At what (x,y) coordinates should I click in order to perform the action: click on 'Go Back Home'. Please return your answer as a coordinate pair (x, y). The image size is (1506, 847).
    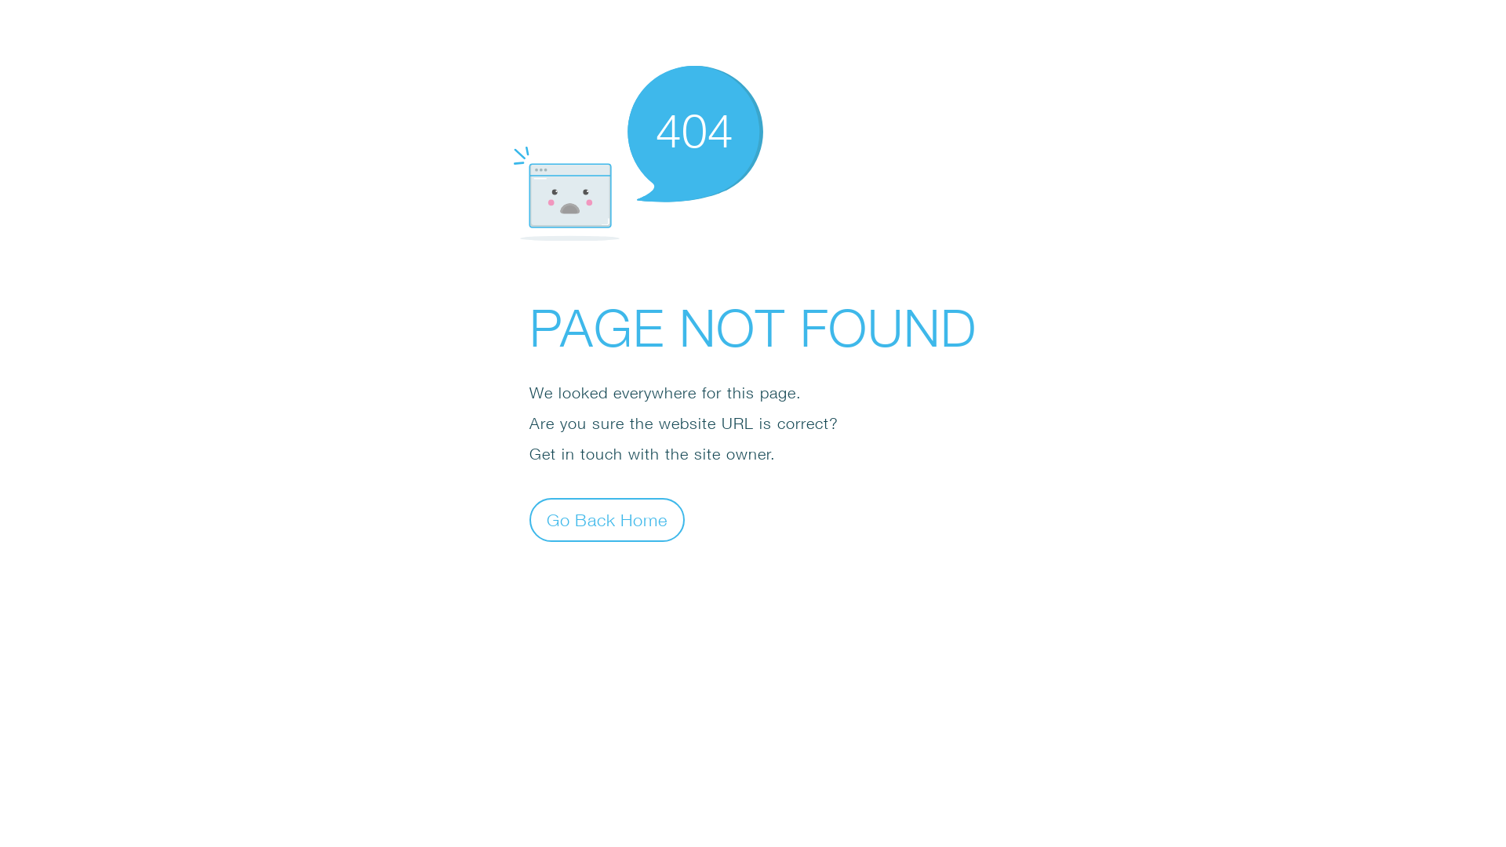
    Looking at the image, I should click on (606, 520).